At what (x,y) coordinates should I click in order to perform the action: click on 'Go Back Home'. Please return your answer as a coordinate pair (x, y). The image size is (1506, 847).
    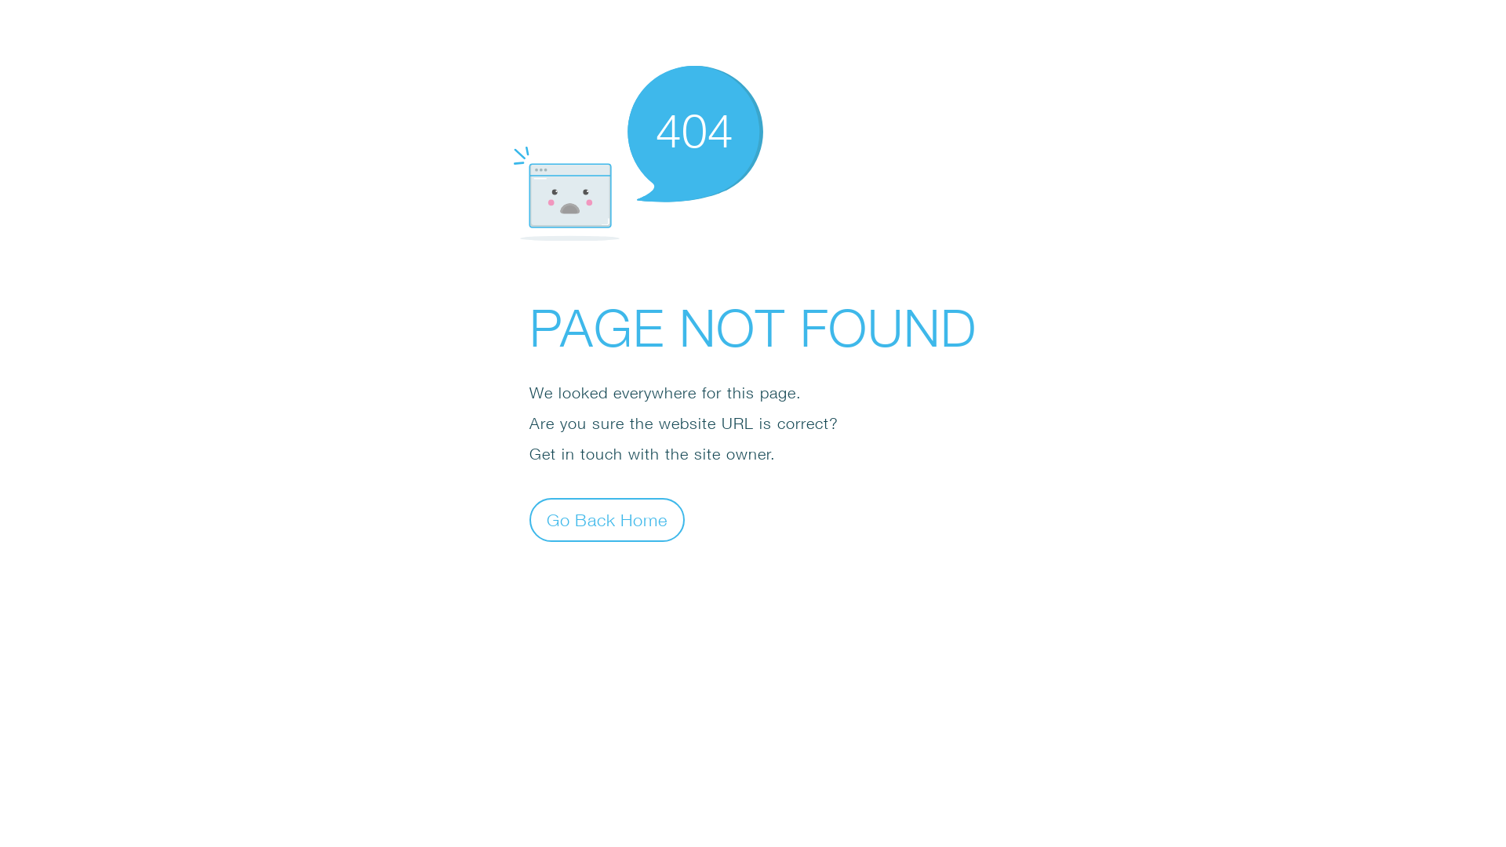
    Looking at the image, I should click on (606, 520).